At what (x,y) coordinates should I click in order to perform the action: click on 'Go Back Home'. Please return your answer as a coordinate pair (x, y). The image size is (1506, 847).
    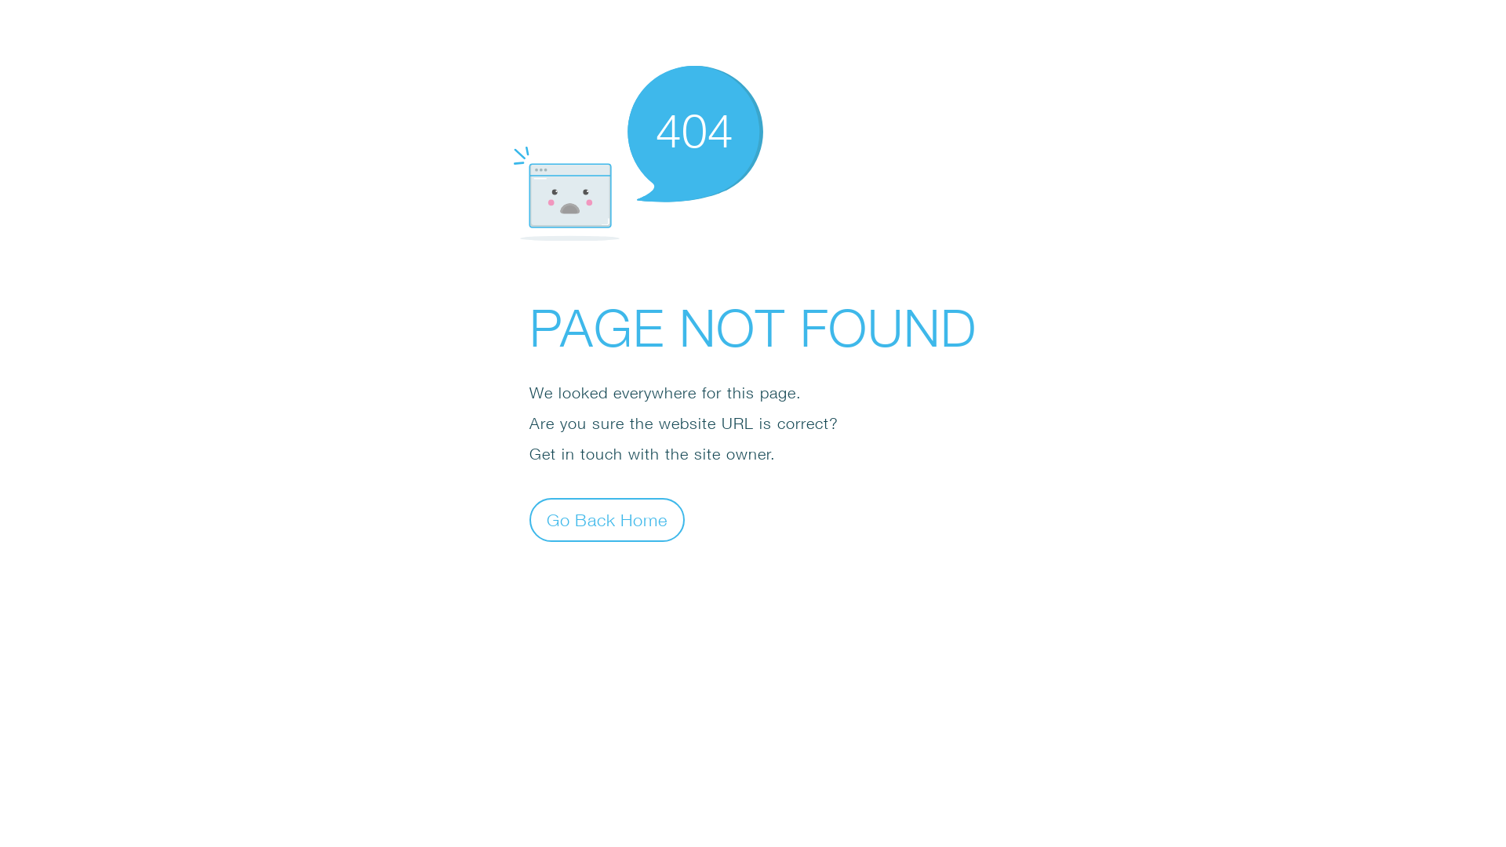
    Looking at the image, I should click on (606, 520).